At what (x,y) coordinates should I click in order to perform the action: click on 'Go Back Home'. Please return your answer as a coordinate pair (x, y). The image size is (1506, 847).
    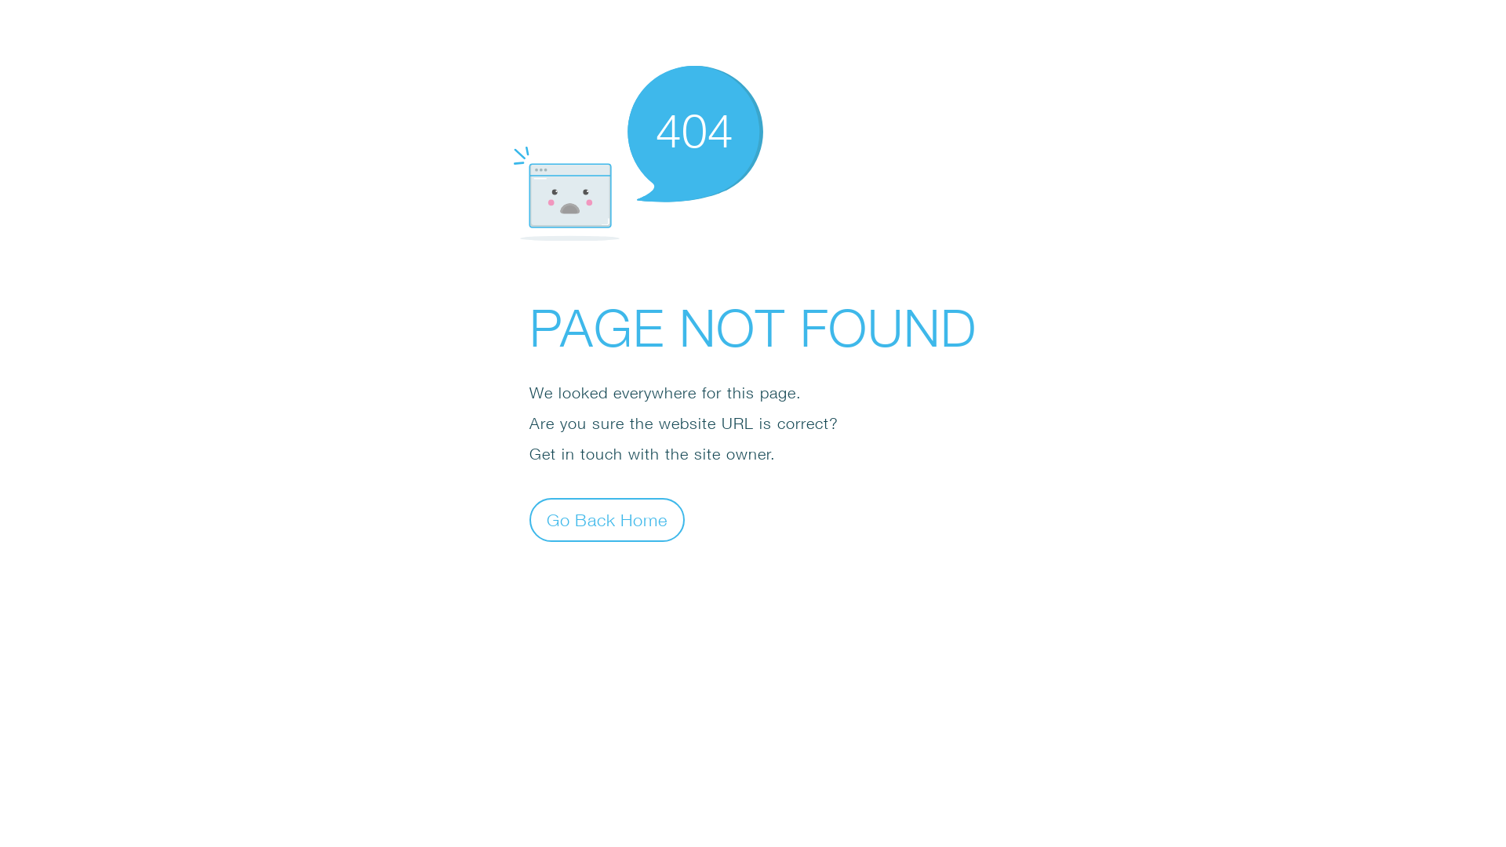
    Looking at the image, I should click on (606, 520).